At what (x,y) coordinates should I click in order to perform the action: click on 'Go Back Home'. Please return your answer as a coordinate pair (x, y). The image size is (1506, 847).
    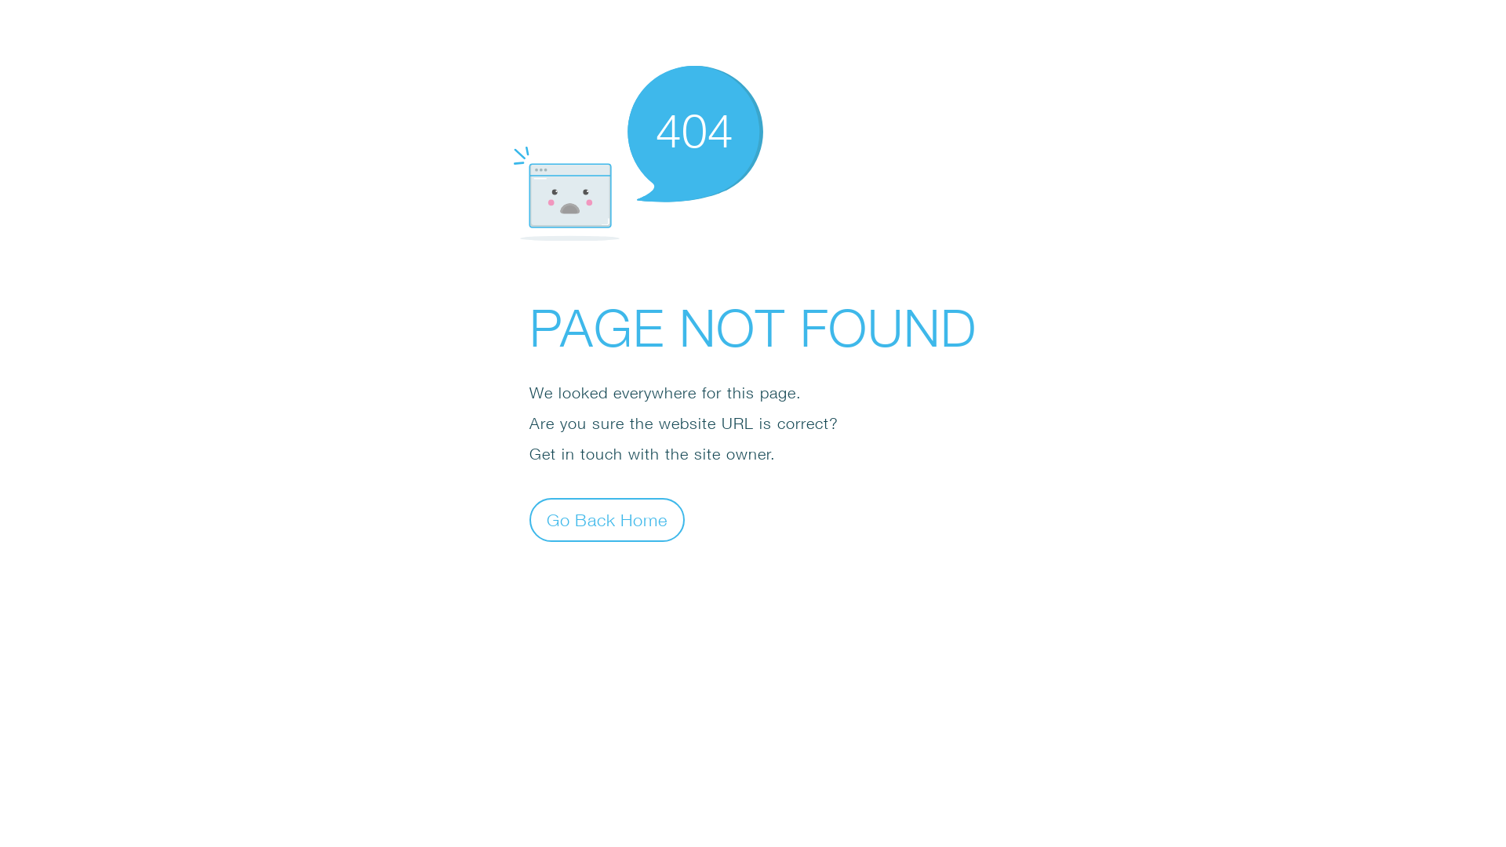
    Looking at the image, I should click on (606, 520).